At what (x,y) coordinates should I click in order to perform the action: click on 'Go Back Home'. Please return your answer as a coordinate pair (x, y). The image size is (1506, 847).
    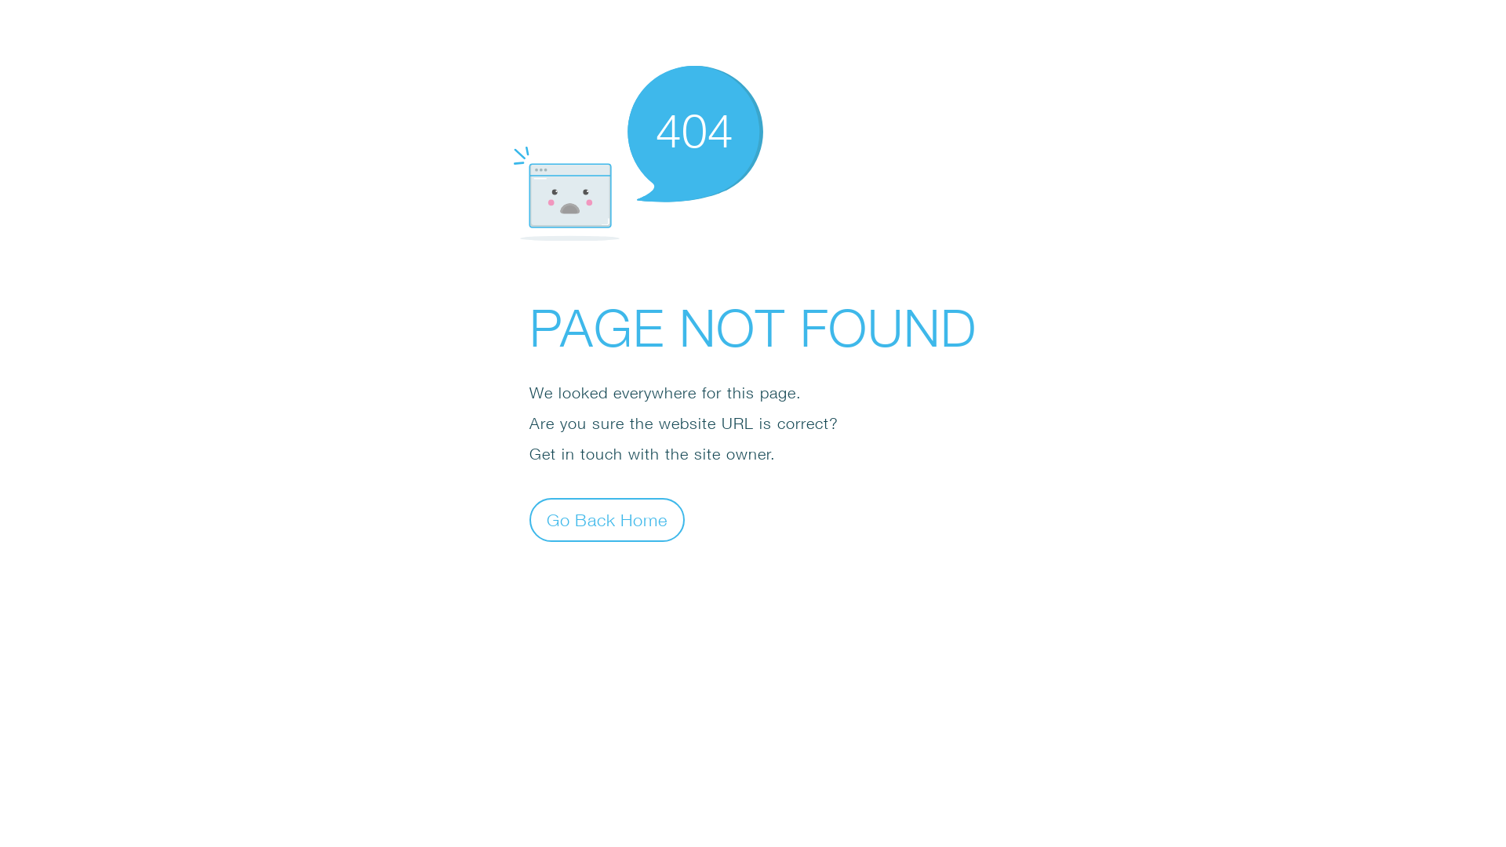
    Looking at the image, I should click on (606, 520).